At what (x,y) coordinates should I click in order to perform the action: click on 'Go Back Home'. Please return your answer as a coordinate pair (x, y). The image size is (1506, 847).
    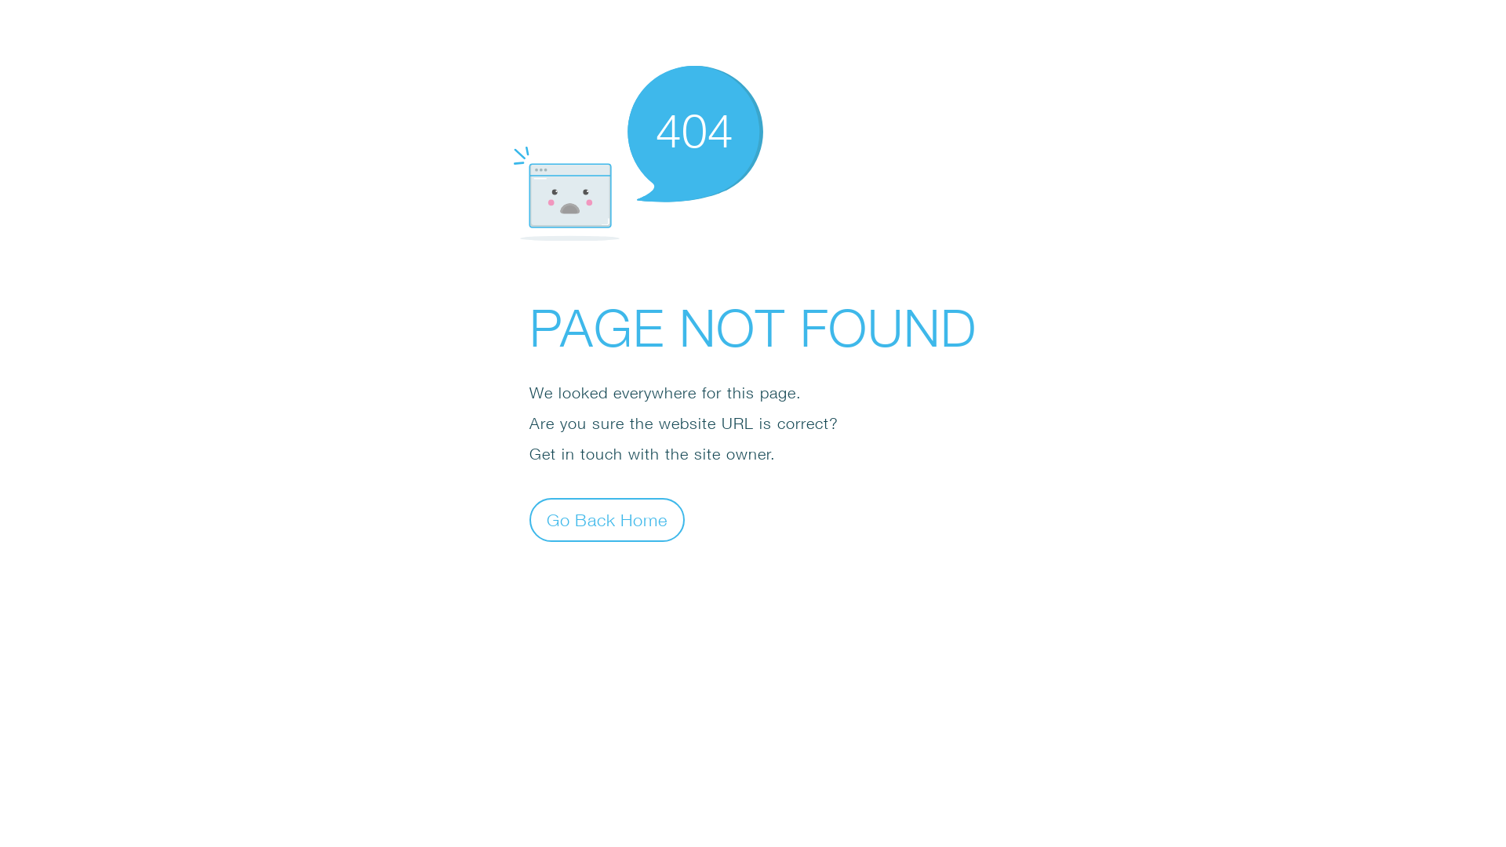
    Looking at the image, I should click on (606, 520).